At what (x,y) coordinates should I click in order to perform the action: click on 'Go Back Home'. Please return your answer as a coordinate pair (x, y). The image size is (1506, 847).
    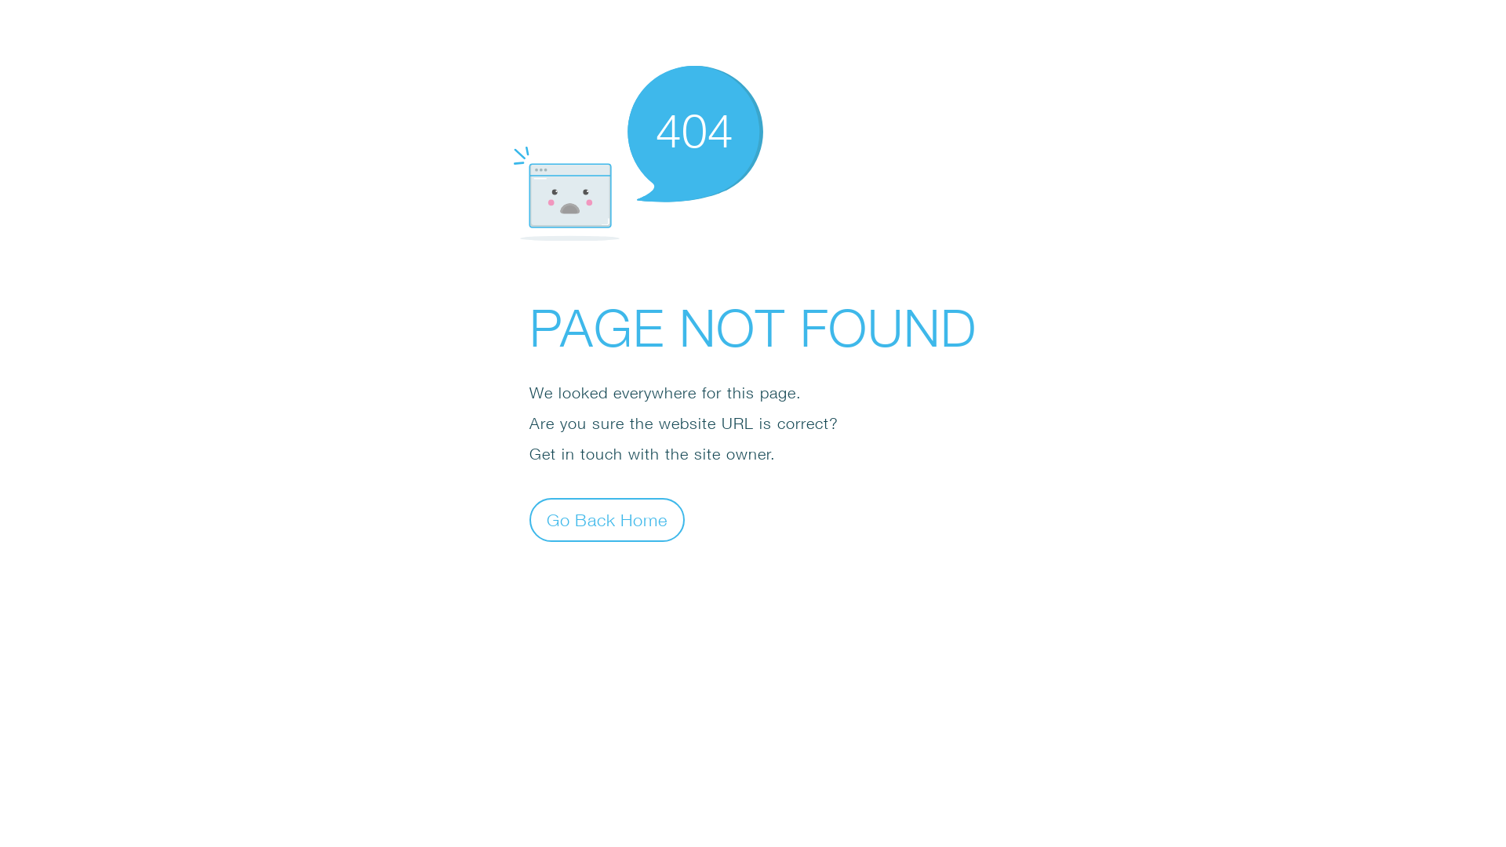
    Looking at the image, I should click on (606, 520).